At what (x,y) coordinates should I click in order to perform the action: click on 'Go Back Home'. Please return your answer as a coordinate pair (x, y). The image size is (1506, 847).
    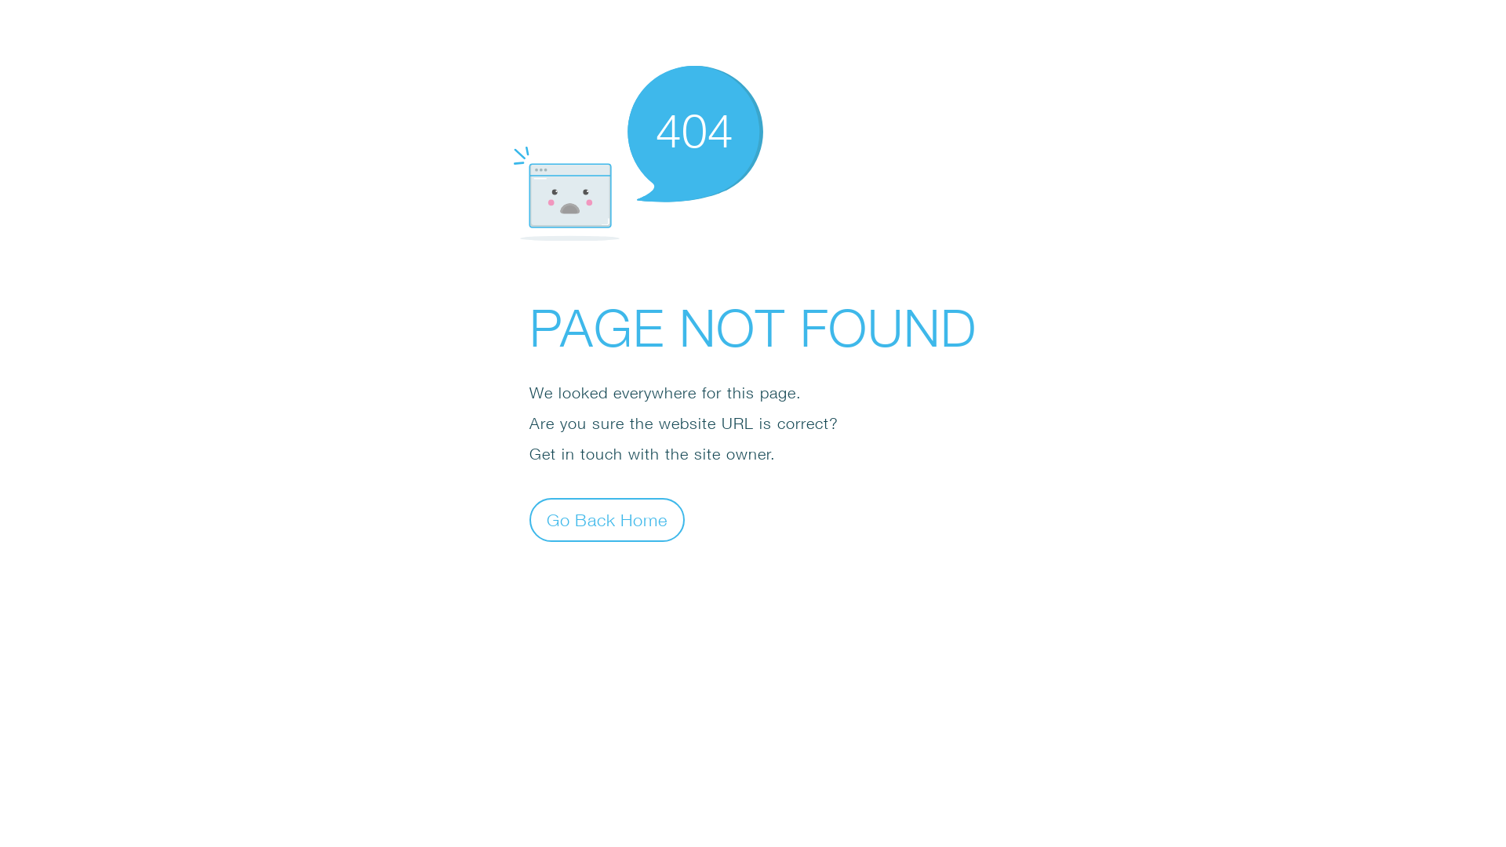
    Looking at the image, I should click on (606, 520).